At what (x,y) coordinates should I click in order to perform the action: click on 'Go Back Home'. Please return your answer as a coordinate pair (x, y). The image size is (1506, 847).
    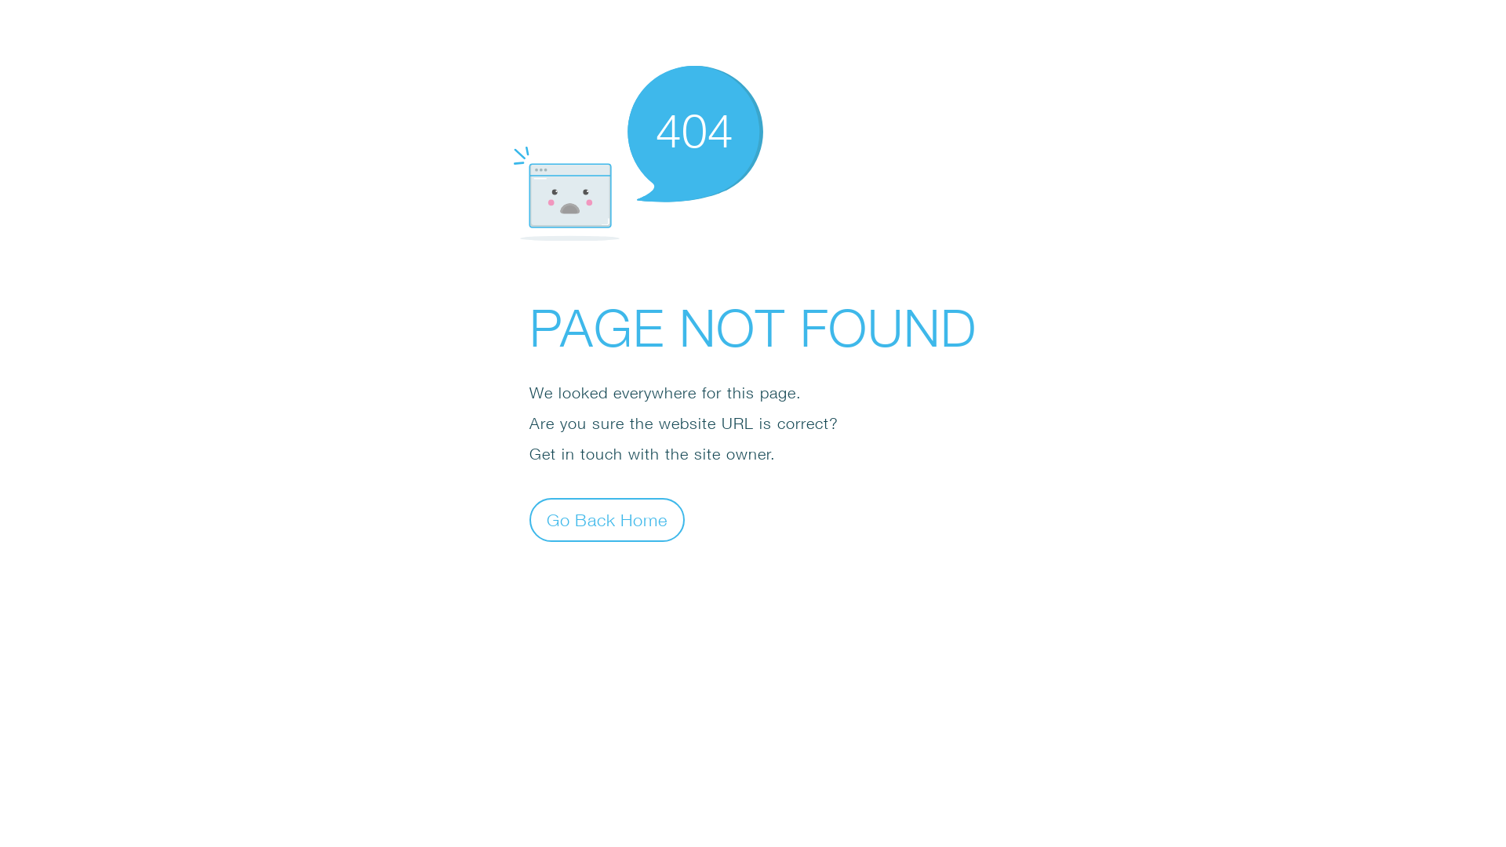
    Looking at the image, I should click on (606, 520).